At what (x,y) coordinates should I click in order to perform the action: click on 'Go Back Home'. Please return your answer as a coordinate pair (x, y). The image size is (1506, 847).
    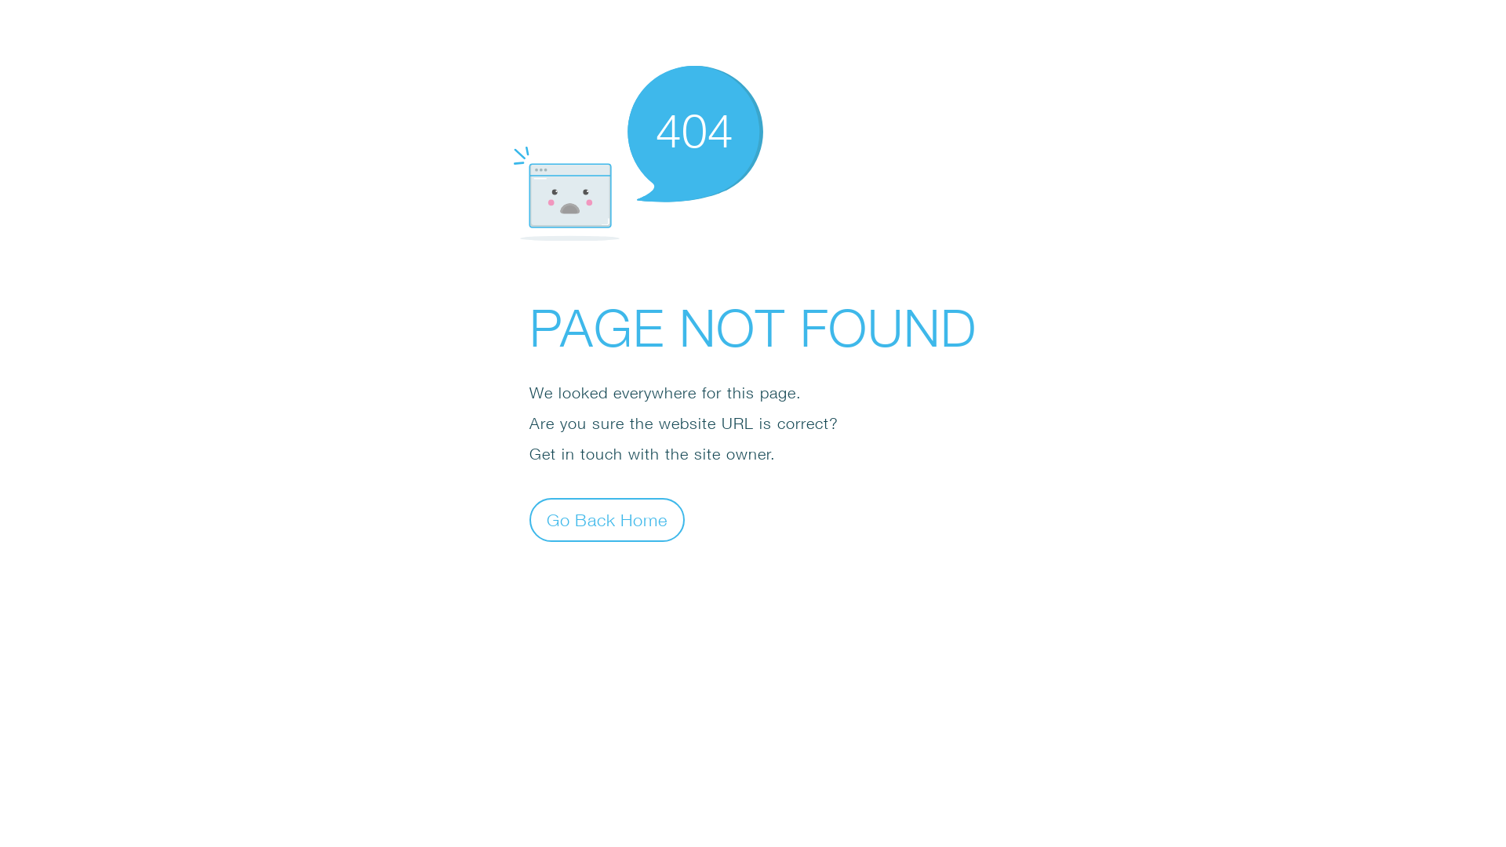
    Looking at the image, I should click on (606, 520).